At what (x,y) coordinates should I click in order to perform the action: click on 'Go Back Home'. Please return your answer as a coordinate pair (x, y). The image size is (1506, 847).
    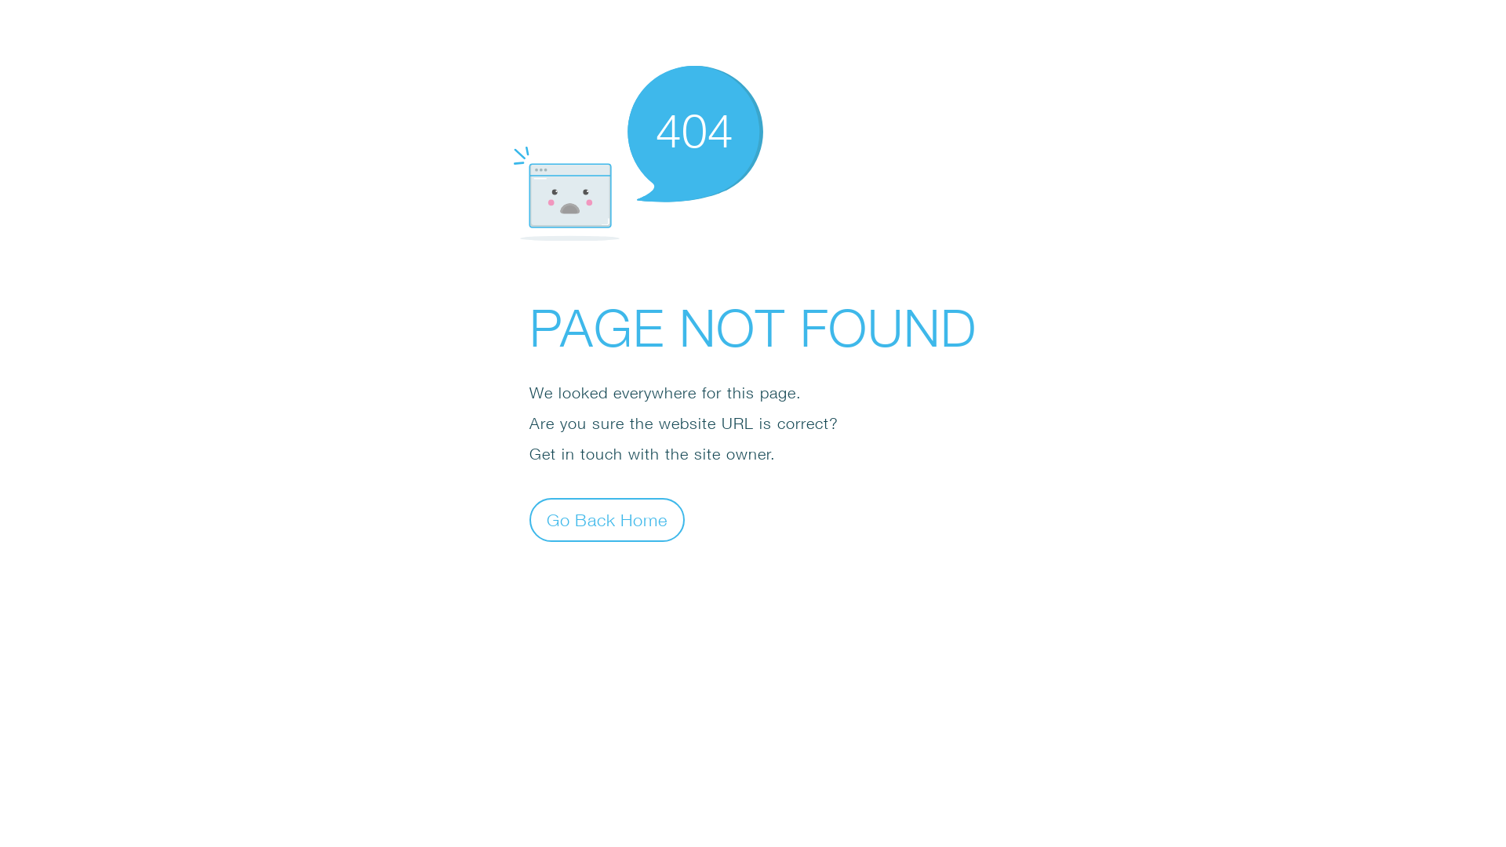
    Looking at the image, I should click on (606, 520).